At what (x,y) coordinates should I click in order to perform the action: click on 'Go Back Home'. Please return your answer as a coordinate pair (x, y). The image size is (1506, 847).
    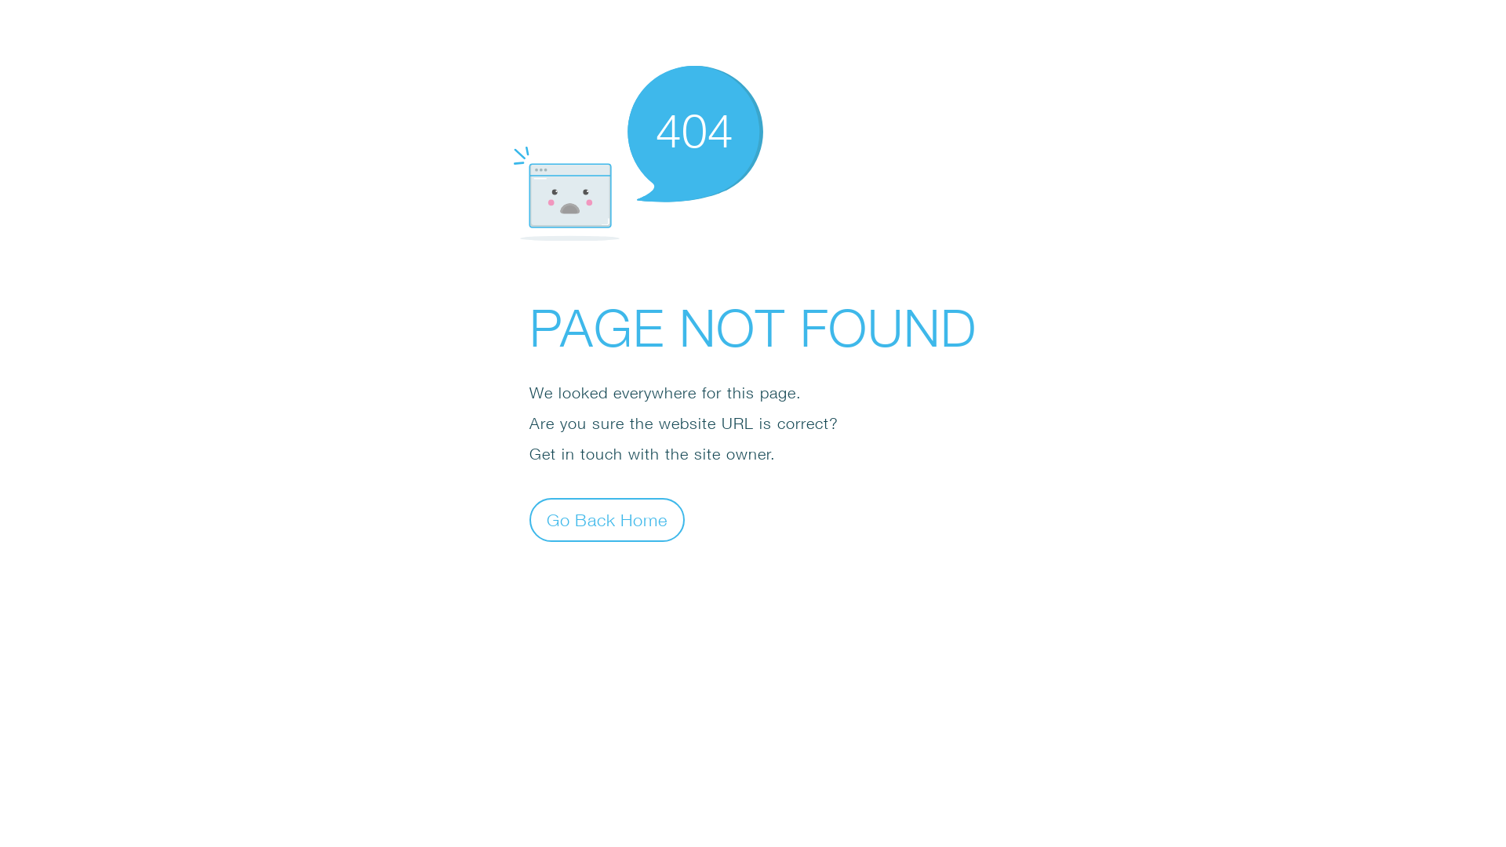
    Looking at the image, I should click on (606, 520).